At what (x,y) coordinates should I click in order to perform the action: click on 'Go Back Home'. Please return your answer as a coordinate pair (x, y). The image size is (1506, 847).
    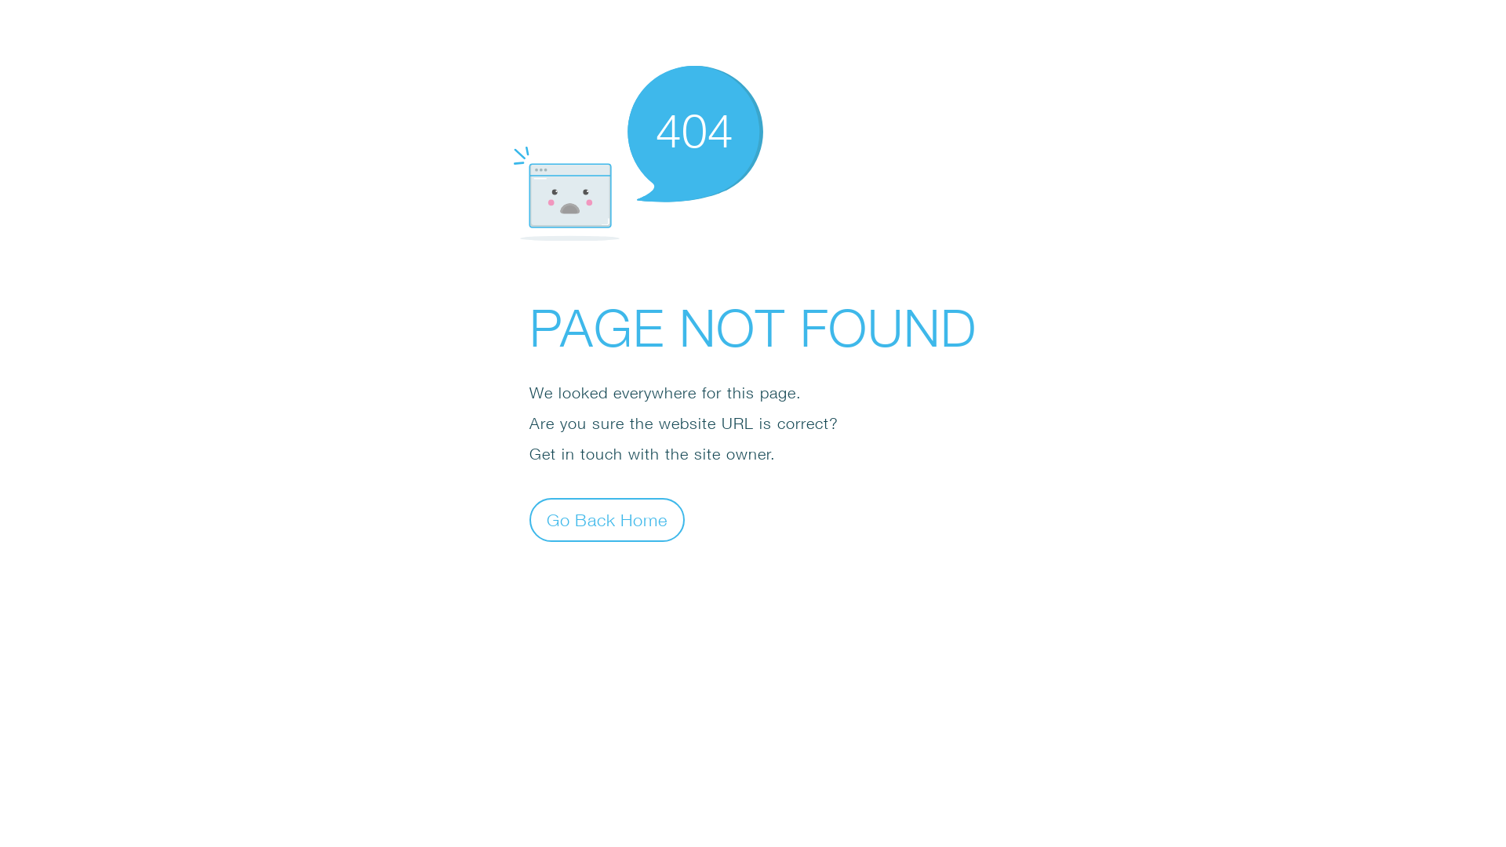
    Looking at the image, I should click on (606, 520).